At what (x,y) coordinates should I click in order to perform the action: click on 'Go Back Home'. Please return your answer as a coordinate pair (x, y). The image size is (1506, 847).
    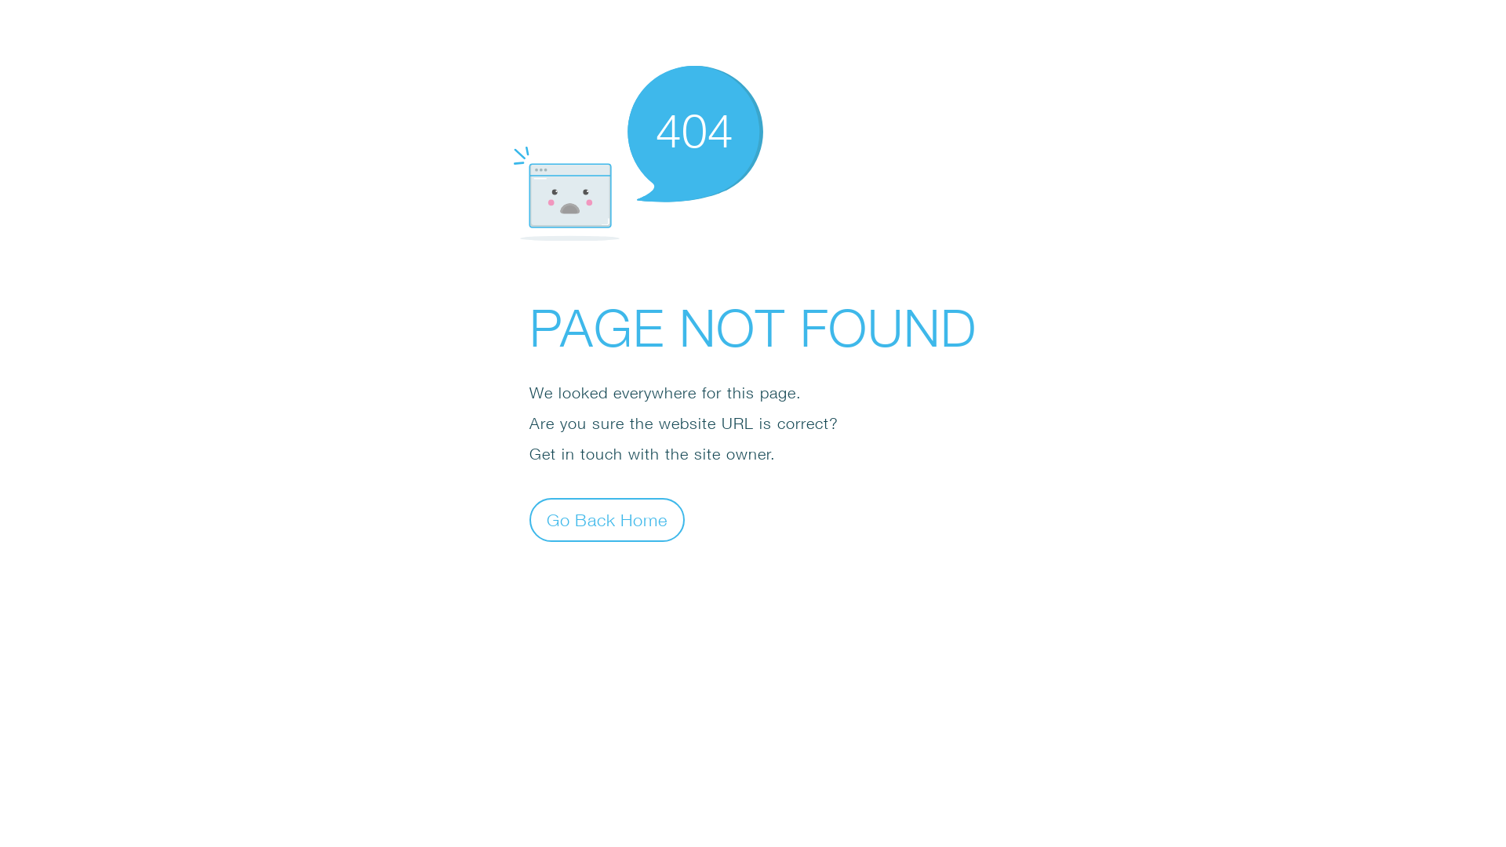
    Looking at the image, I should click on (606, 520).